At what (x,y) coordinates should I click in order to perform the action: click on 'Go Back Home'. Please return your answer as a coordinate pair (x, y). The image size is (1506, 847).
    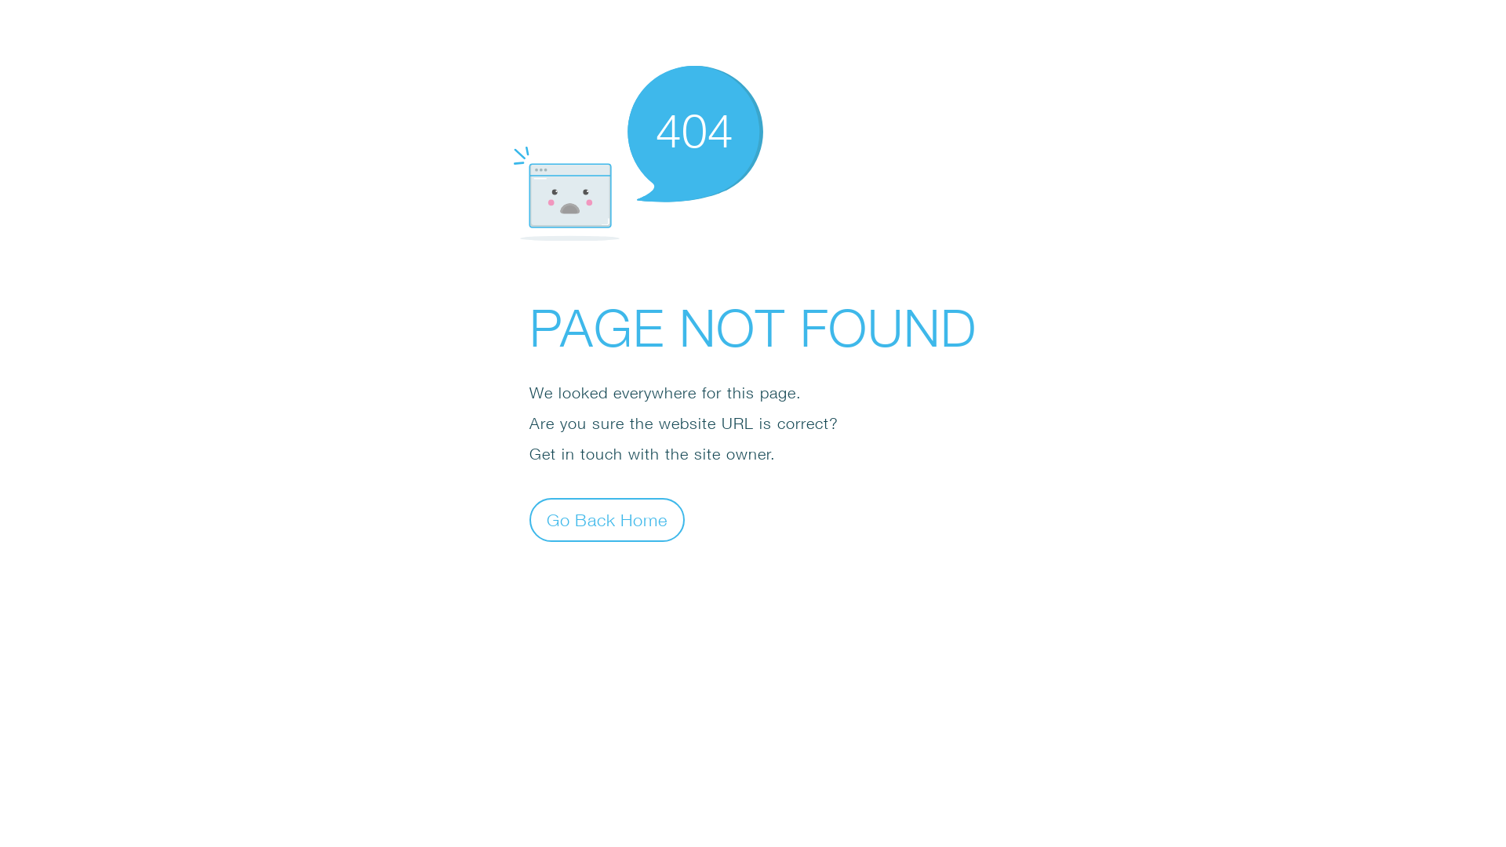
    Looking at the image, I should click on (606, 520).